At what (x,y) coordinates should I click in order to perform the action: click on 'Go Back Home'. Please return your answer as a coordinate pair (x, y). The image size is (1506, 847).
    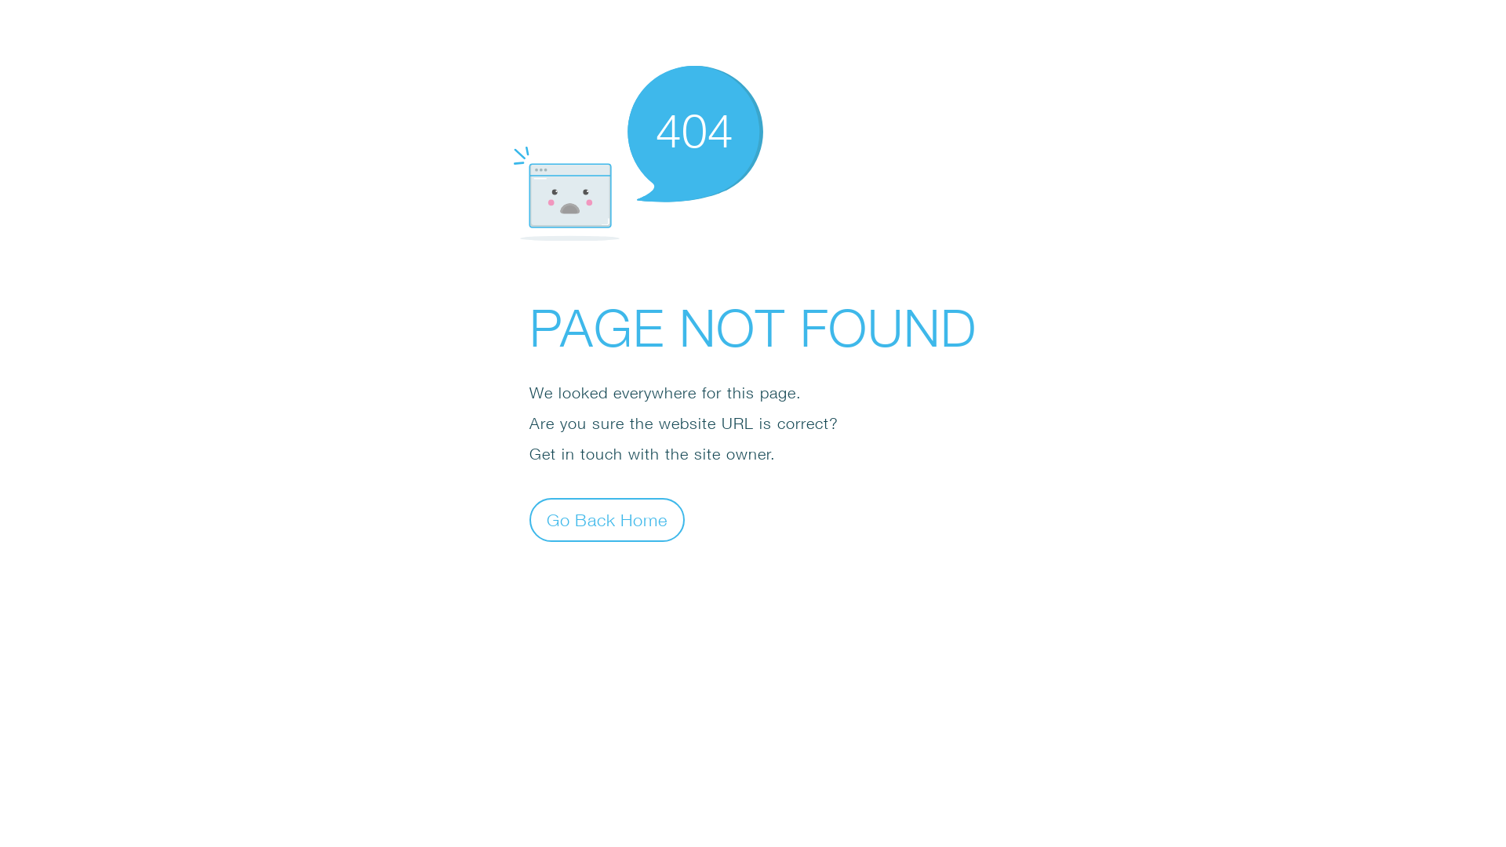
    Looking at the image, I should click on (606, 520).